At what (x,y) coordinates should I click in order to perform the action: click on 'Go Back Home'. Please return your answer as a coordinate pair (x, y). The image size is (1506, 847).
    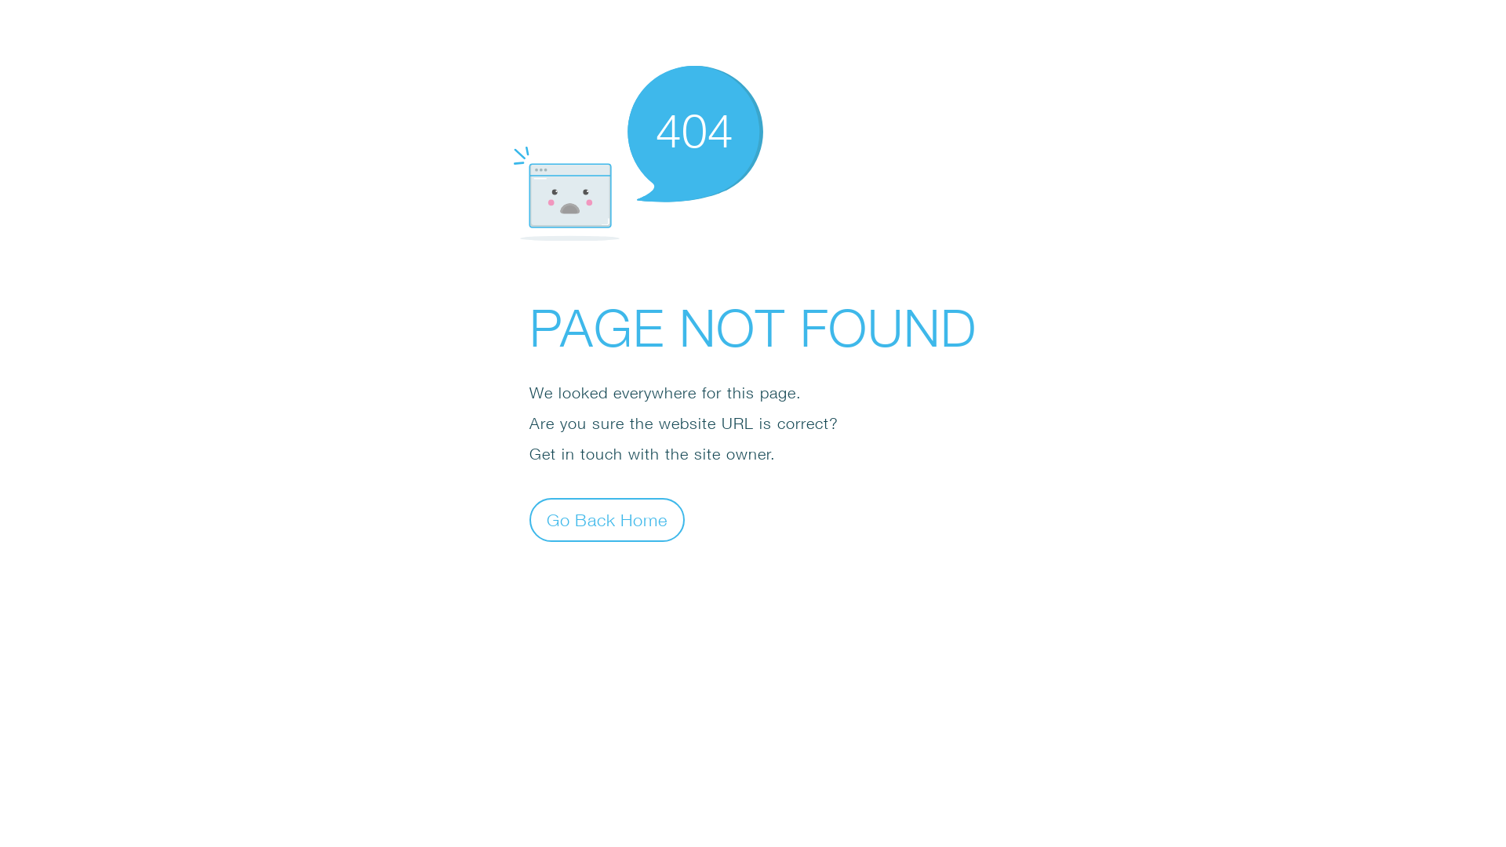
    Looking at the image, I should click on (606, 520).